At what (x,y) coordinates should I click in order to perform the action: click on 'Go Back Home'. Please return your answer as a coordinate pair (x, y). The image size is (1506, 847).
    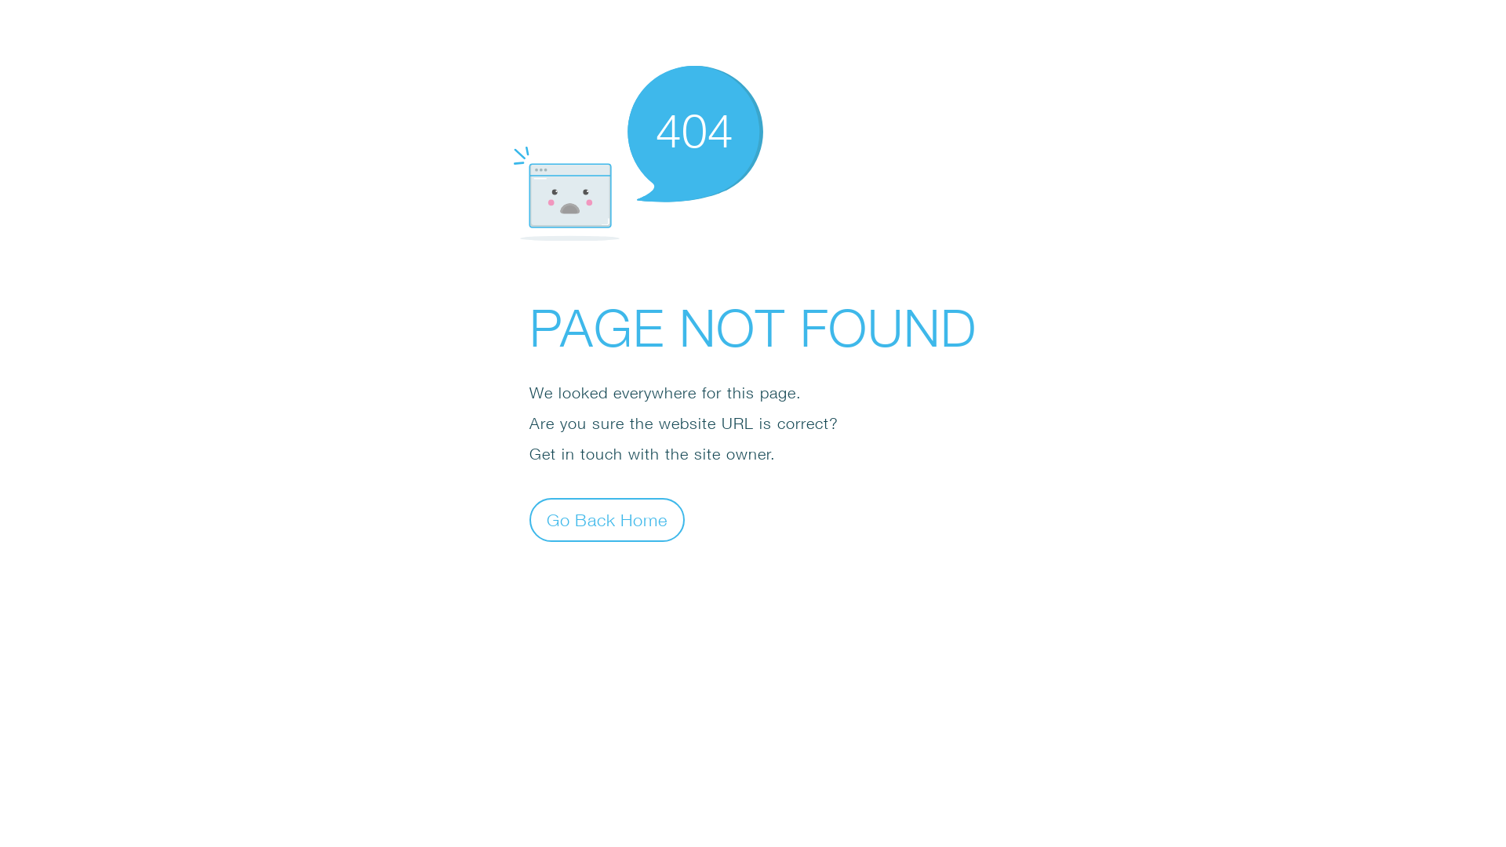
    Looking at the image, I should click on (606, 520).